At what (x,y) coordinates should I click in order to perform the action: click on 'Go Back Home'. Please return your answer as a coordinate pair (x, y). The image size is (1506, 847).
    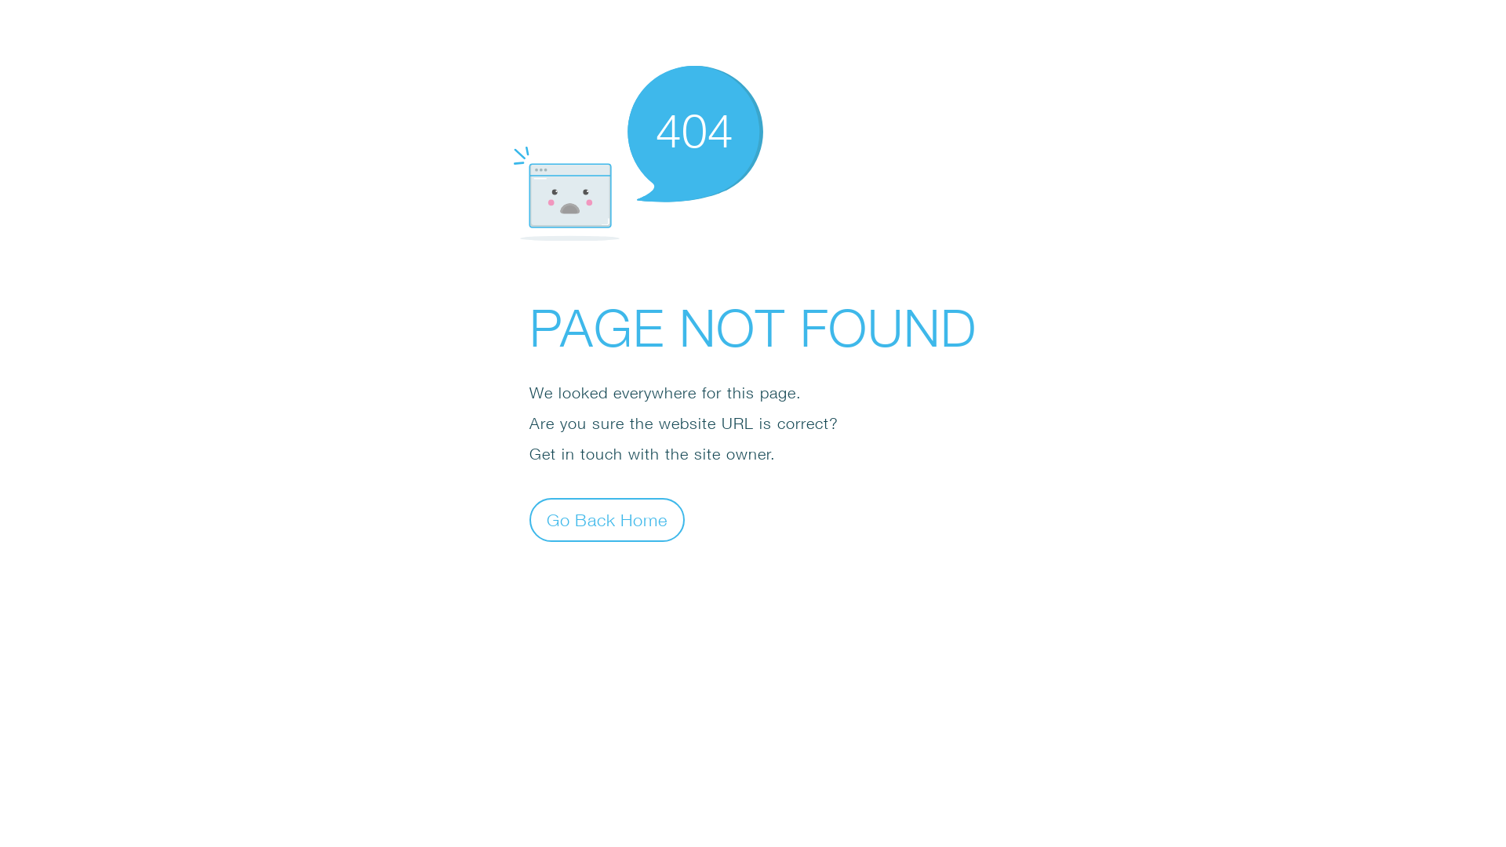
    Looking at the image, I should click on (606, 520).